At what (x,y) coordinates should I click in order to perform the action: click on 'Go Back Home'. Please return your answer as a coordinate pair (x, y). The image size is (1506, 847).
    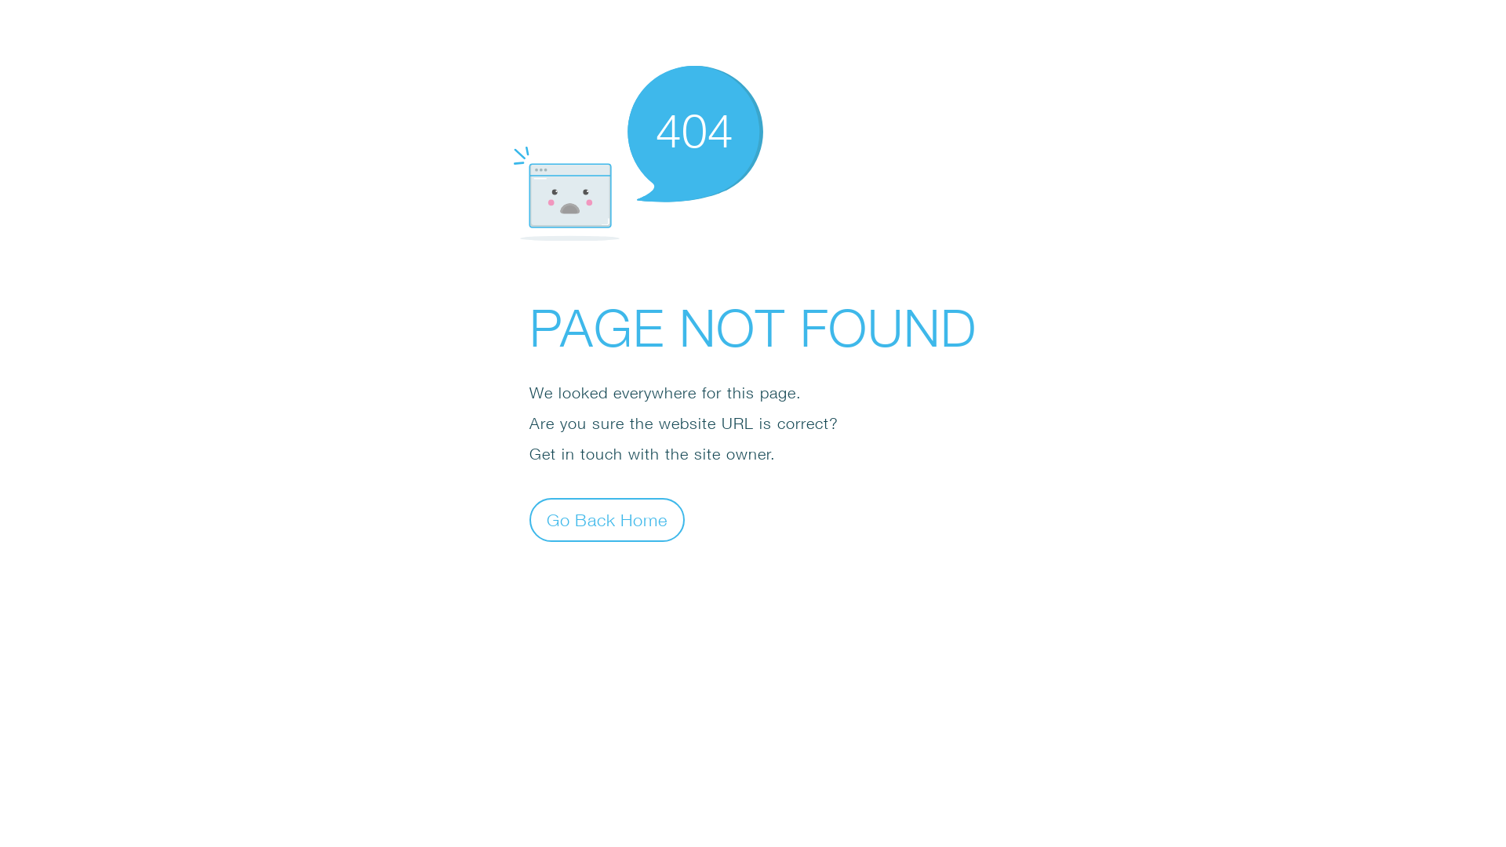
    Looking at the image, I should click on (606, 520).